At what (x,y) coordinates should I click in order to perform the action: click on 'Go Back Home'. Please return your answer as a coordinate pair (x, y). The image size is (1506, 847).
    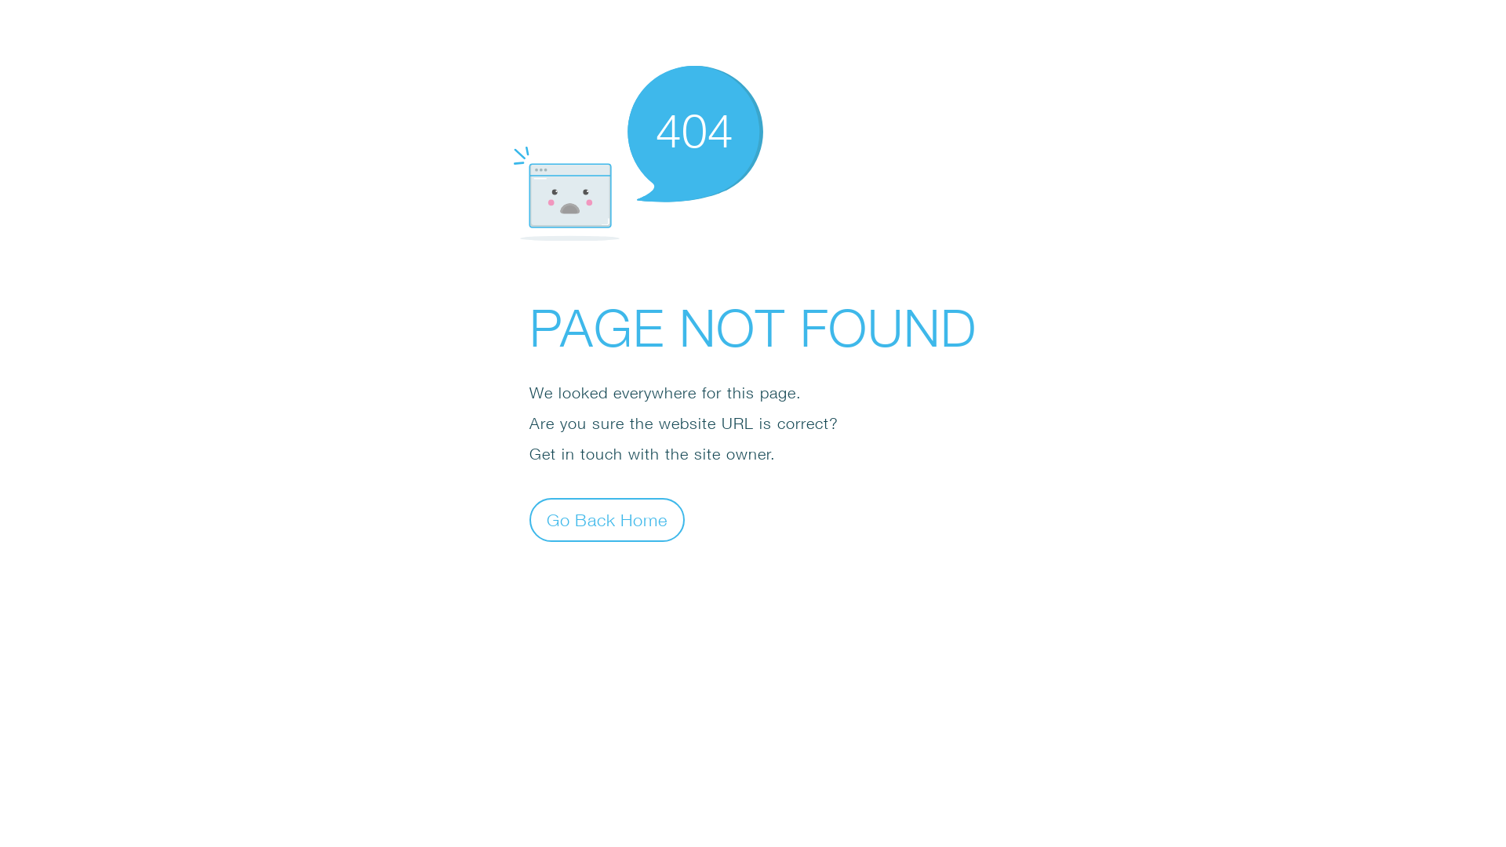
    Looking at the image, I should click on (606, 520).